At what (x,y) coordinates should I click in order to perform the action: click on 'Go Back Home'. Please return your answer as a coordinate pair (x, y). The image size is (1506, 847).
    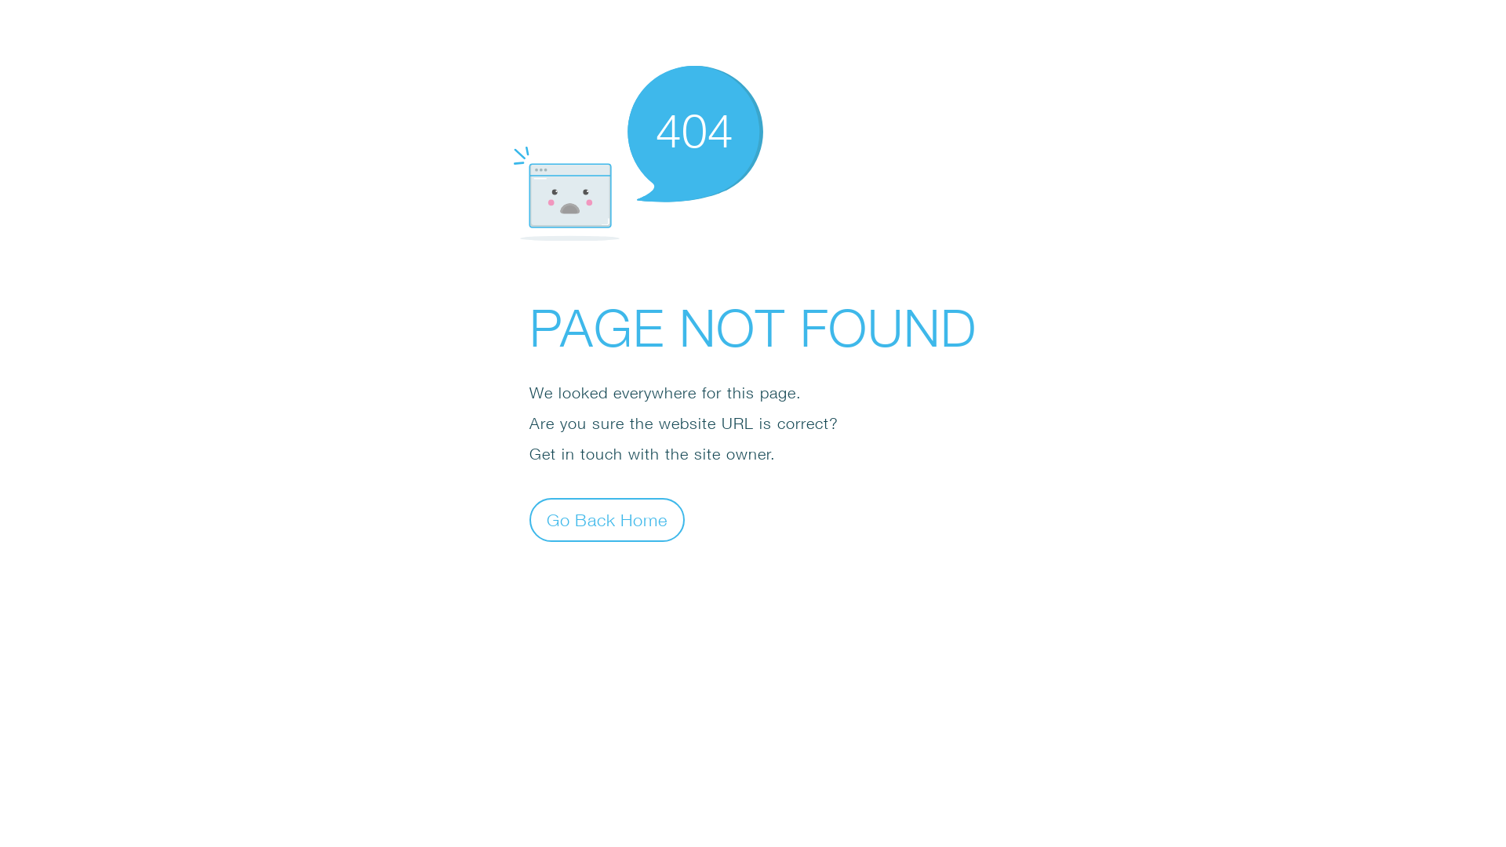
    Looking at the image, I should click on (606, 520).